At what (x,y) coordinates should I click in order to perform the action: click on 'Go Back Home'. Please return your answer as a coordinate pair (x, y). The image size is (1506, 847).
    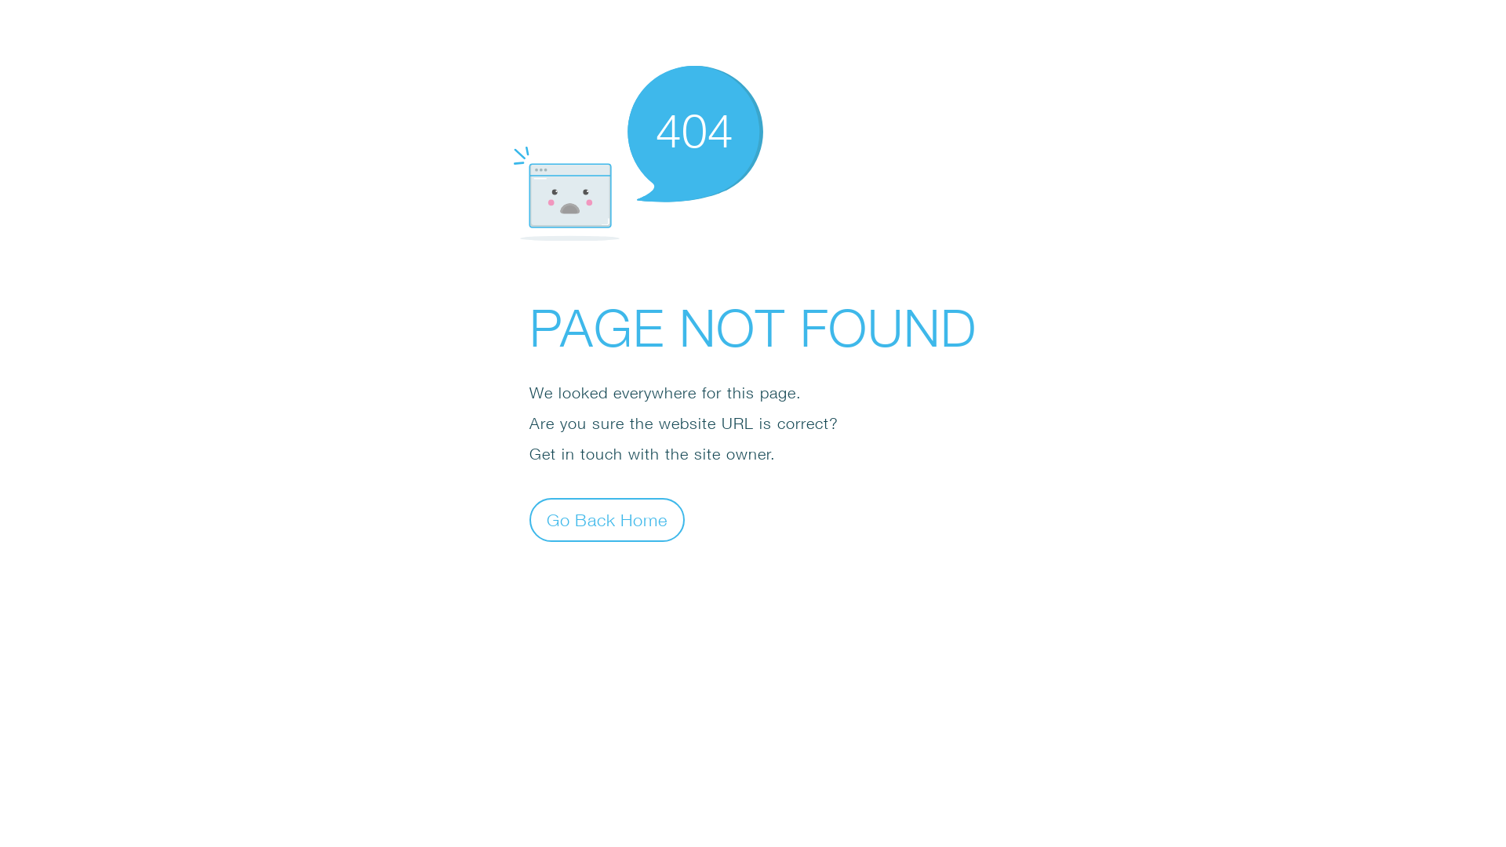
    Looking at the image, I should click on (606, 520).